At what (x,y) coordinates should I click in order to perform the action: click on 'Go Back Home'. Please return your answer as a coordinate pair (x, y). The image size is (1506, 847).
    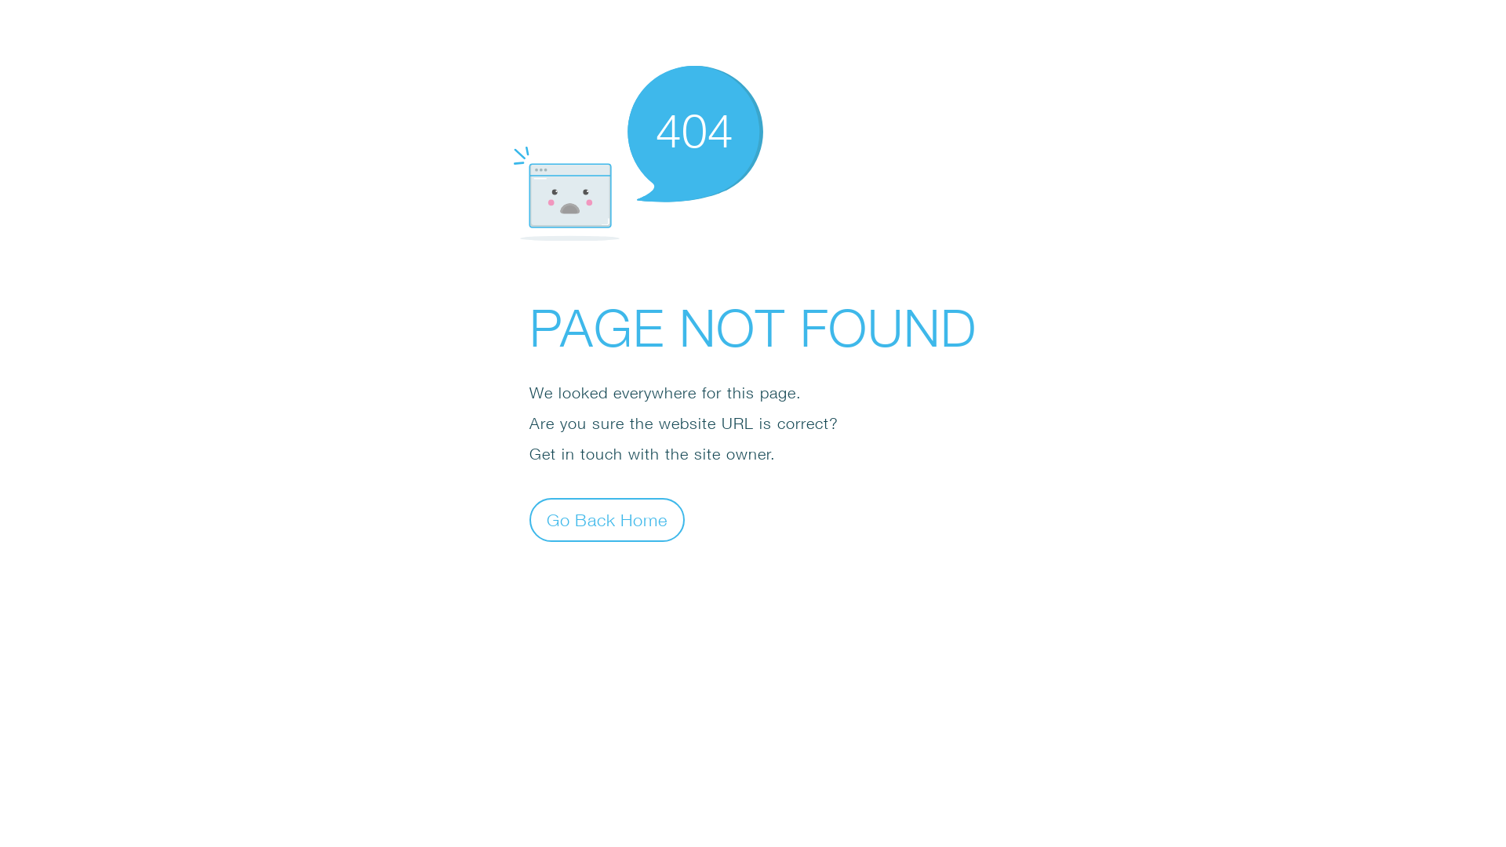
    Looking at the image, I should click on (606, 520).